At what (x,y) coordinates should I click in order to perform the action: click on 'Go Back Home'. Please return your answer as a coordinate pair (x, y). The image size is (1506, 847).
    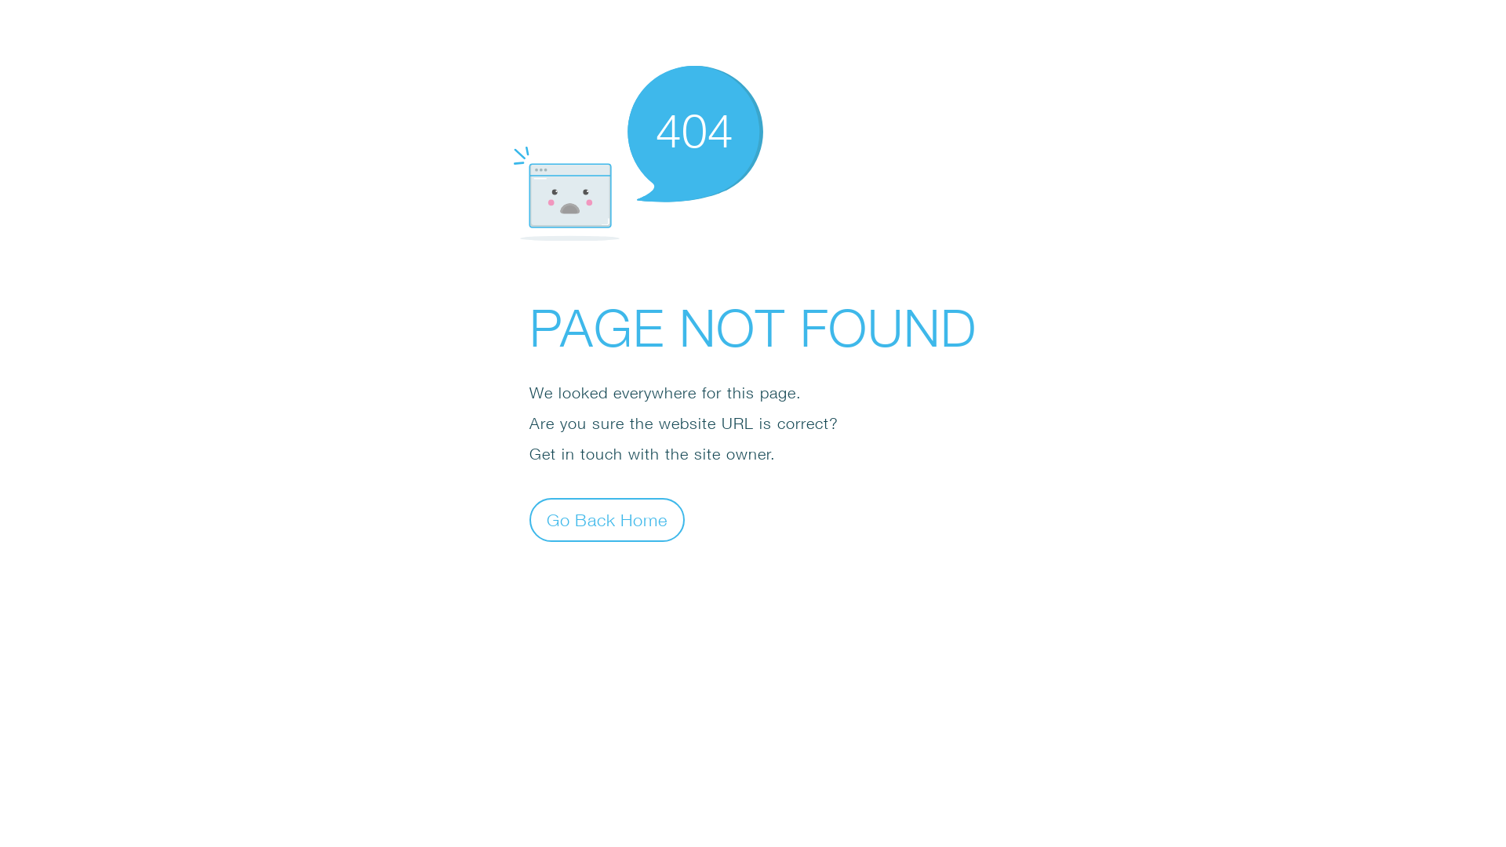
    Looking at the image, I should click on (606, 520).